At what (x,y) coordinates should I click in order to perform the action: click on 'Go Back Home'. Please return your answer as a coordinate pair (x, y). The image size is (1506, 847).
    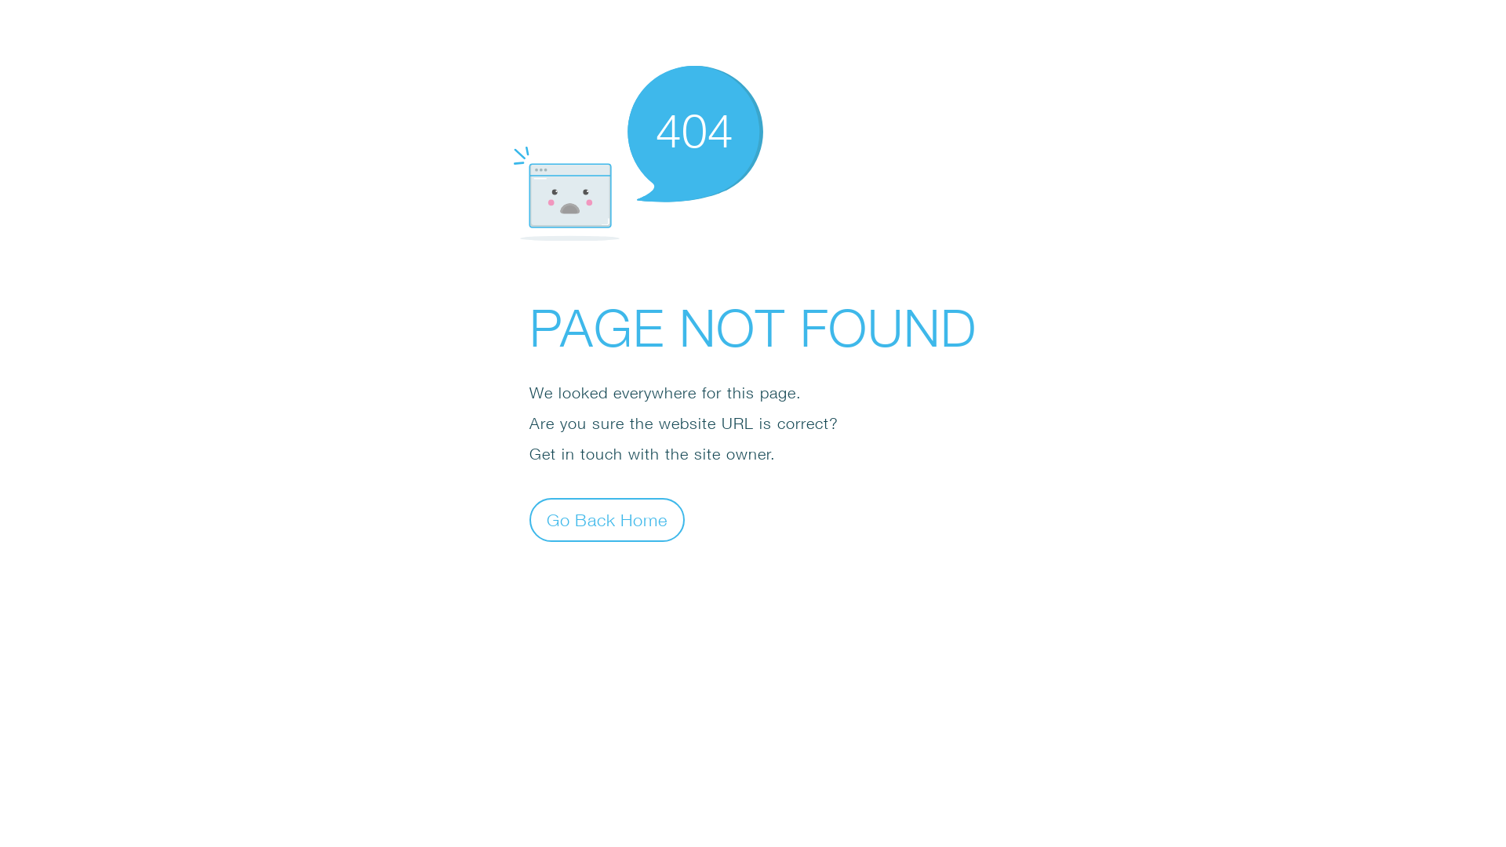
    Looking at the image, I should click on (606, 520).